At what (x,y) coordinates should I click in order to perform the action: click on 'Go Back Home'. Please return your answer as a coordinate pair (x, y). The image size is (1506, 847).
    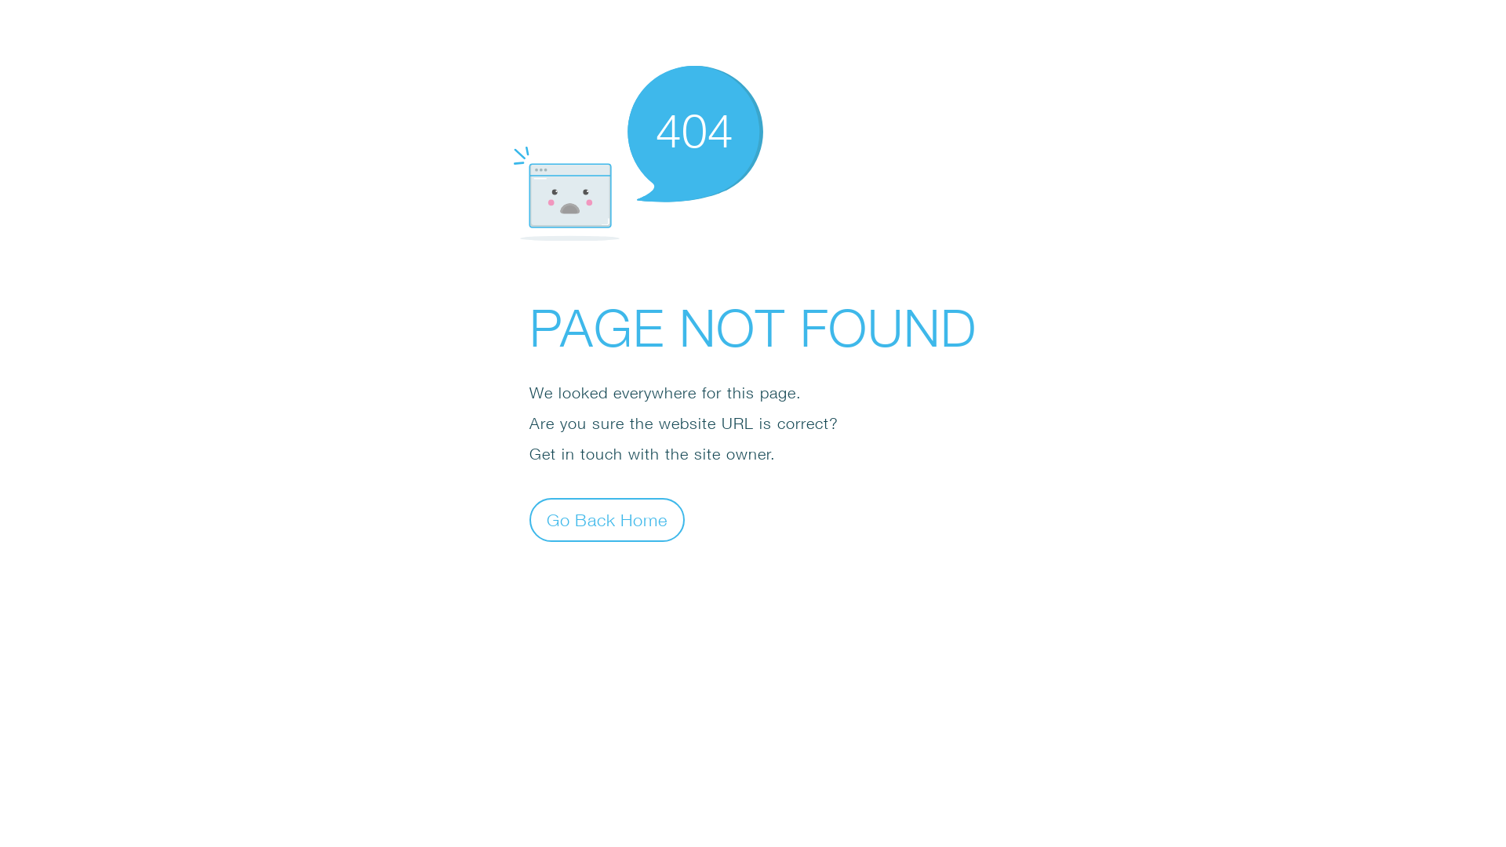
    Looking at the image, I should click on (606, 520).